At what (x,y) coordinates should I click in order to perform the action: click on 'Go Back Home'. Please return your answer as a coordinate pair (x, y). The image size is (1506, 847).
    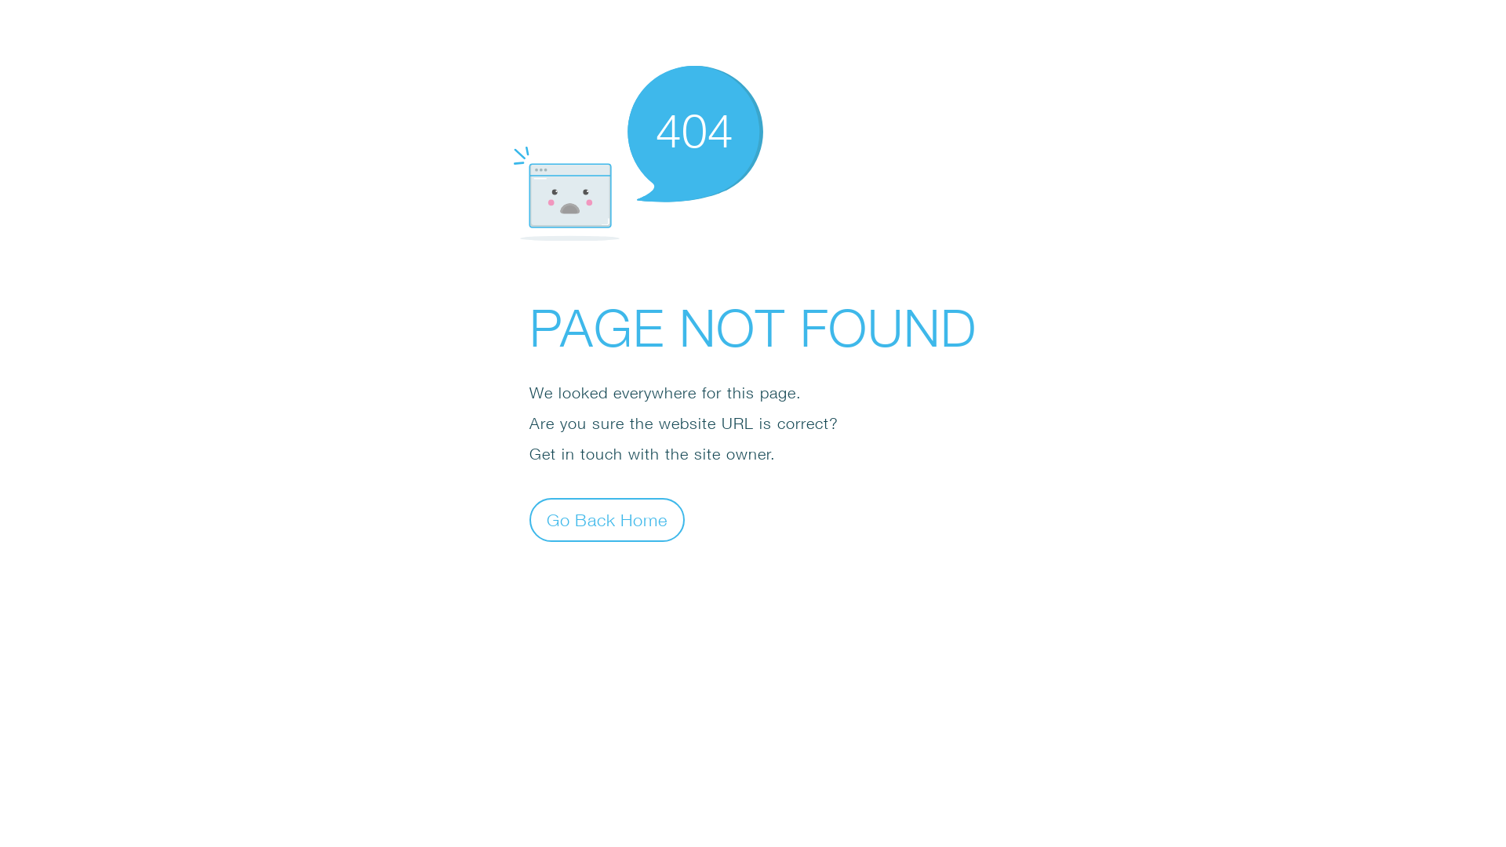
    Looking at the image, I should click on (606, 520).